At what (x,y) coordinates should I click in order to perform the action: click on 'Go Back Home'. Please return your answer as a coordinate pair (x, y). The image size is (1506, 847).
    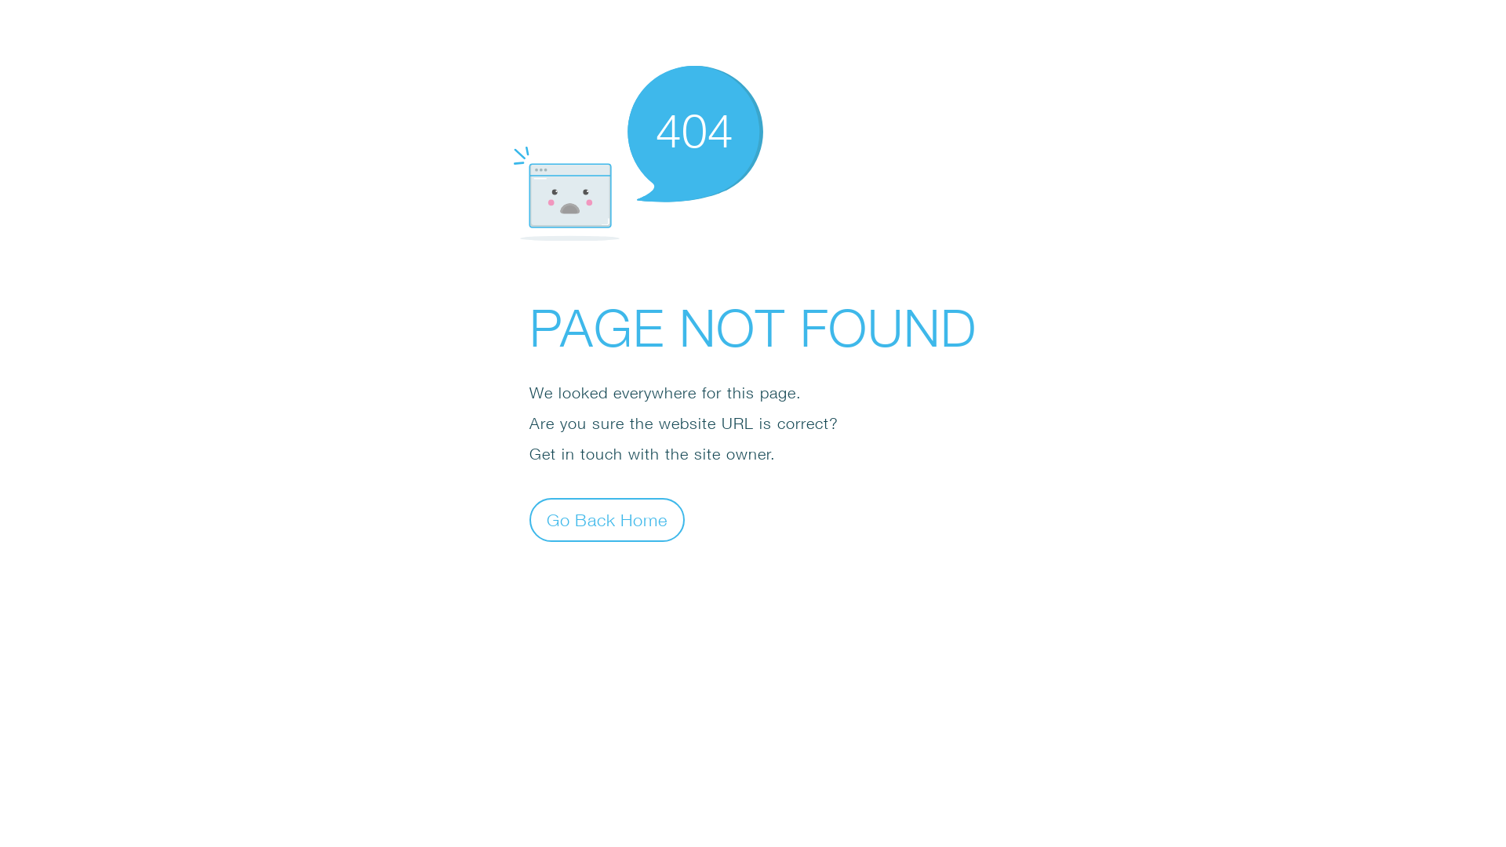
    Looking at the image, I should click on (606, 520).